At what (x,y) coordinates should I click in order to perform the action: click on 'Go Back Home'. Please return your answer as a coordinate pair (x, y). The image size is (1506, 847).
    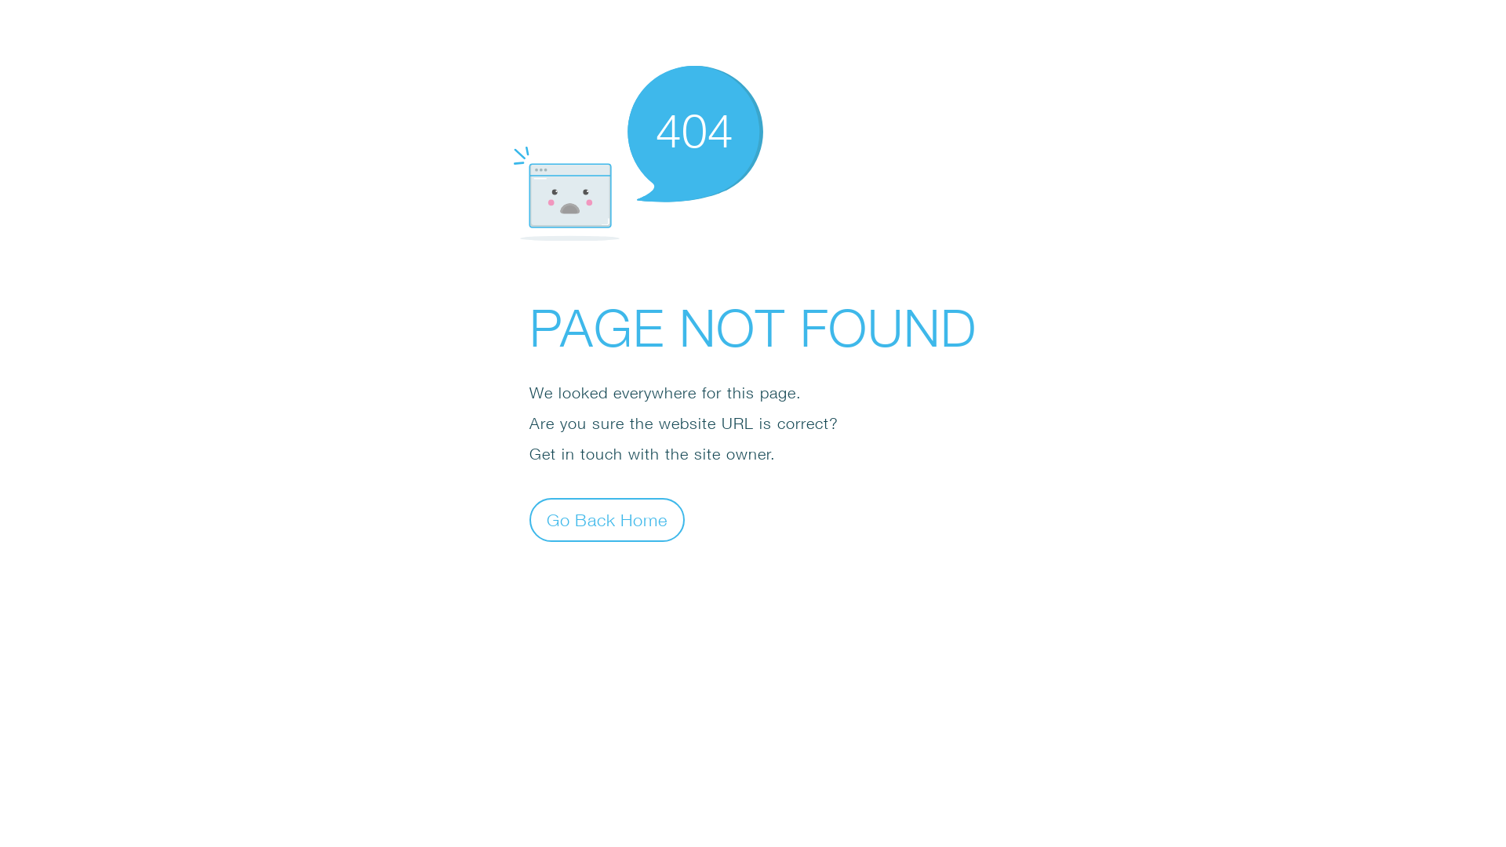
    Looking at the image, I should click on (606, 520).